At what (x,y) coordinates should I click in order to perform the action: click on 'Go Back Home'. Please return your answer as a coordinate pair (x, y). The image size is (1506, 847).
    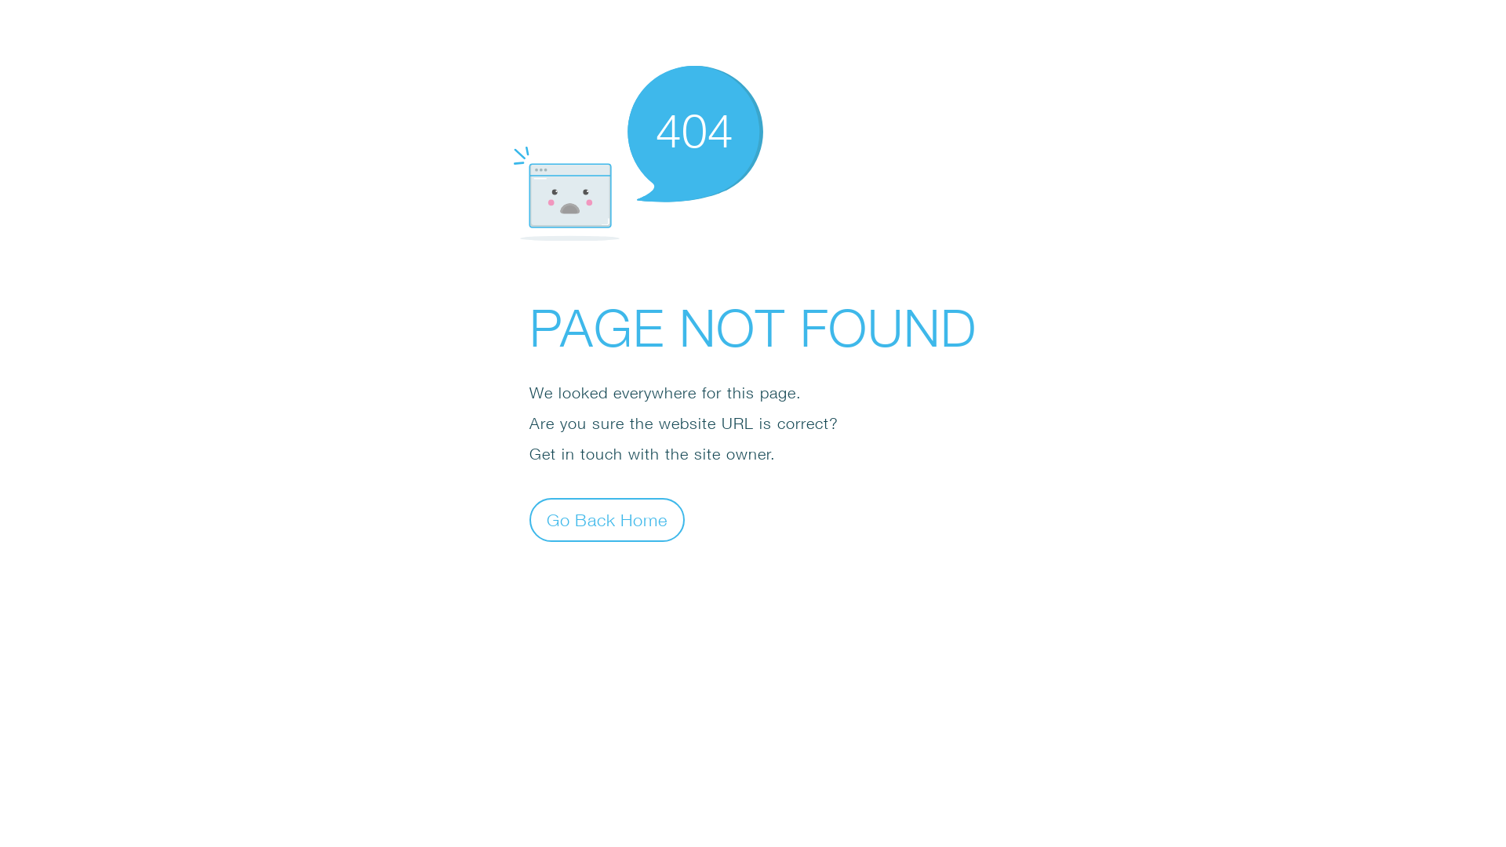
    Looking at the image, I should click on (606, 520).